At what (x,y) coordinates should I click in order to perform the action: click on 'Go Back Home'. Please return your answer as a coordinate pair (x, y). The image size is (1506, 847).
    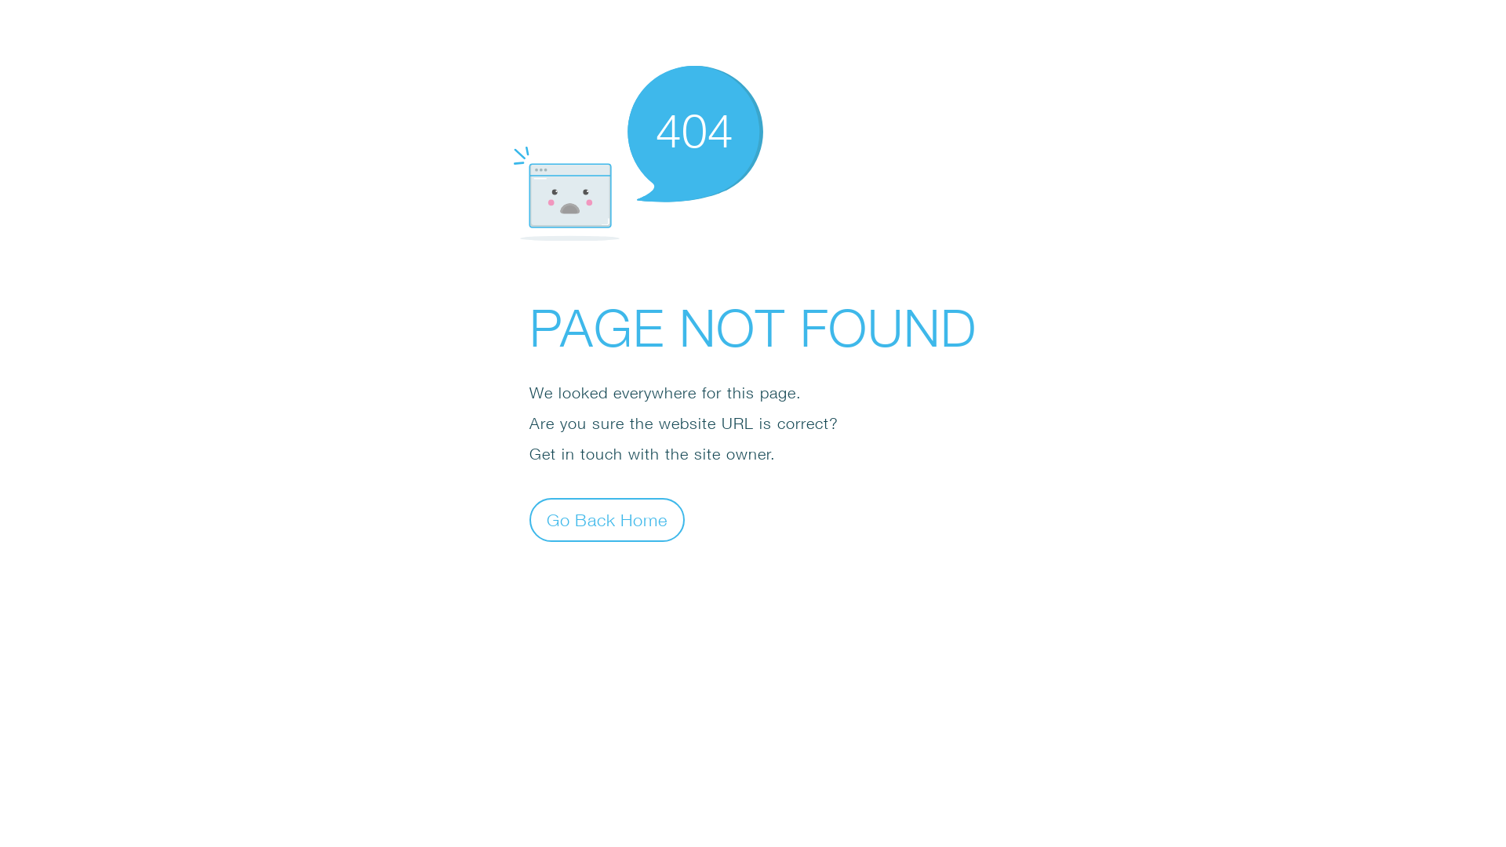
    Looking at the image, I should click on (606, 520).